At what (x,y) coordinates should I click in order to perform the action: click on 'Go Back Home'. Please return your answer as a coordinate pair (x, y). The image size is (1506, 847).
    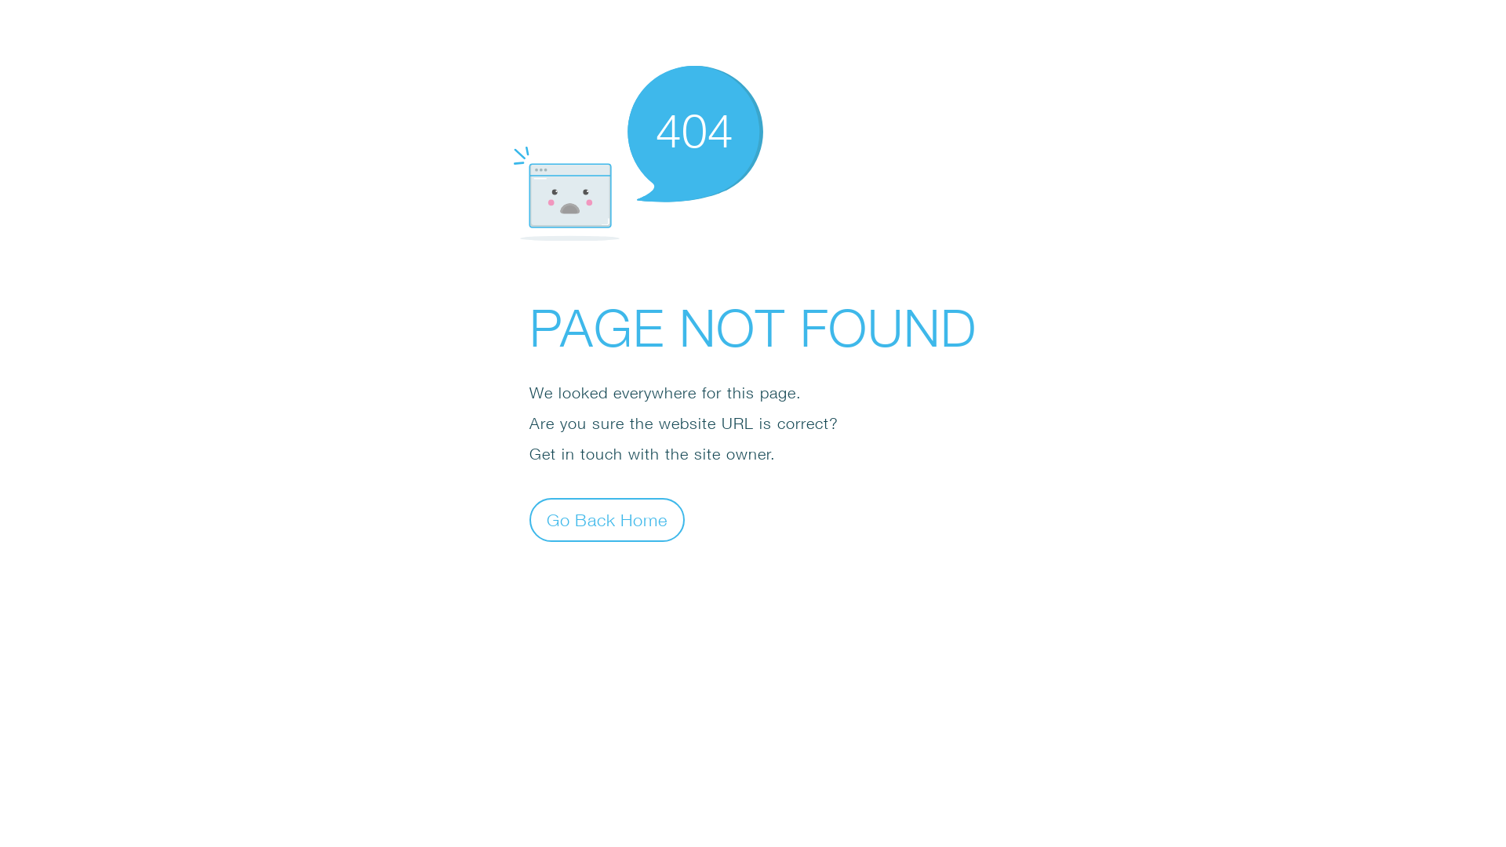
    Looking at the image, I should click on (606, 520).